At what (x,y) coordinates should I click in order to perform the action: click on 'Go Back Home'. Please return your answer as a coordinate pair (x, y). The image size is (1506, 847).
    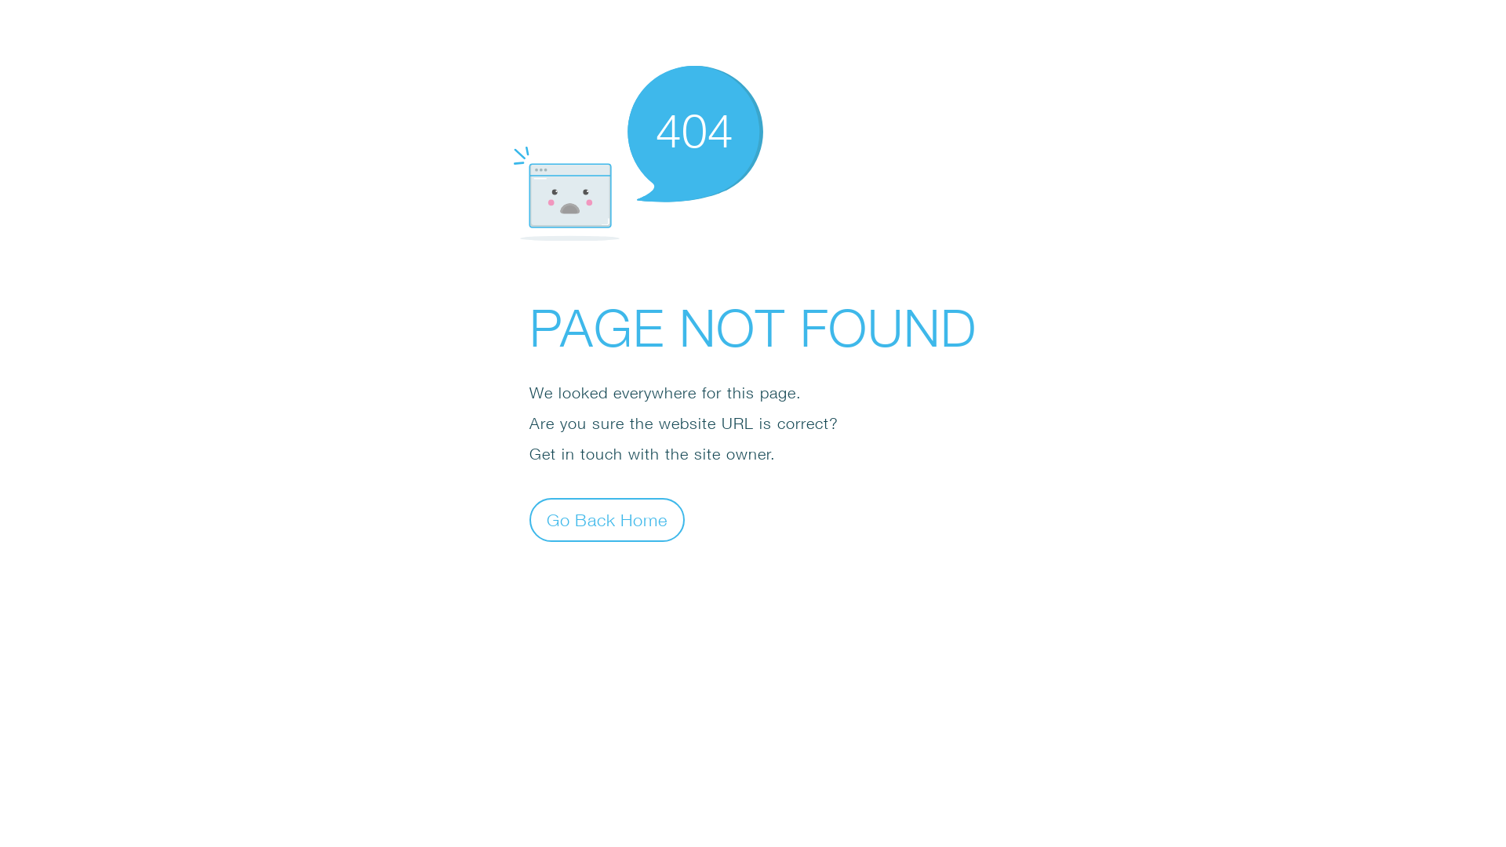
    Looking at the image, I should click on (606, 520).